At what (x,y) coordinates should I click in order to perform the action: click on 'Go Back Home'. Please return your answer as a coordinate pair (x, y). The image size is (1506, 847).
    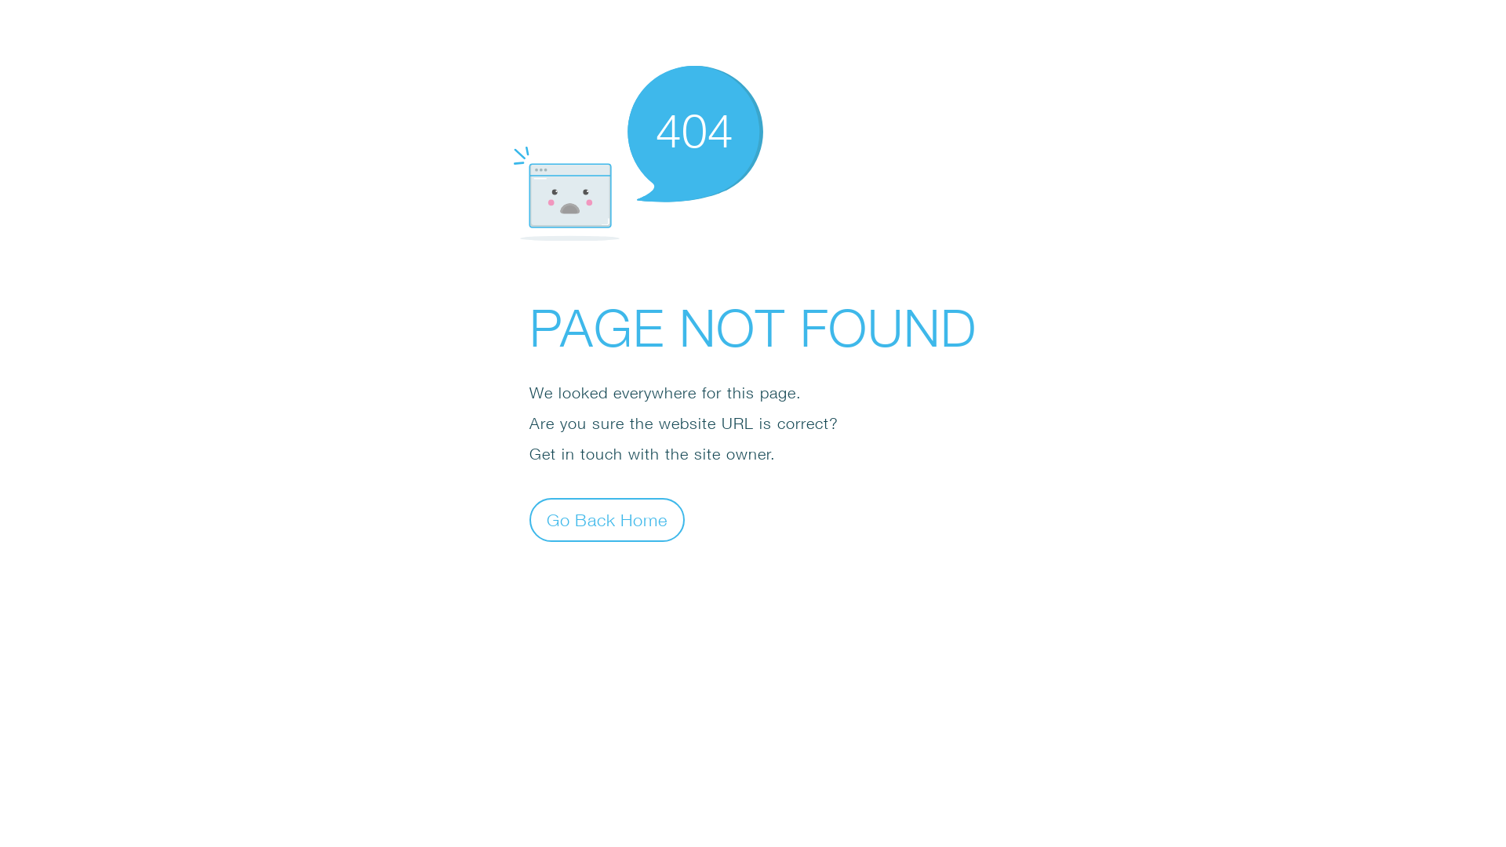
    Looking at the image, I should click on (606, 520).